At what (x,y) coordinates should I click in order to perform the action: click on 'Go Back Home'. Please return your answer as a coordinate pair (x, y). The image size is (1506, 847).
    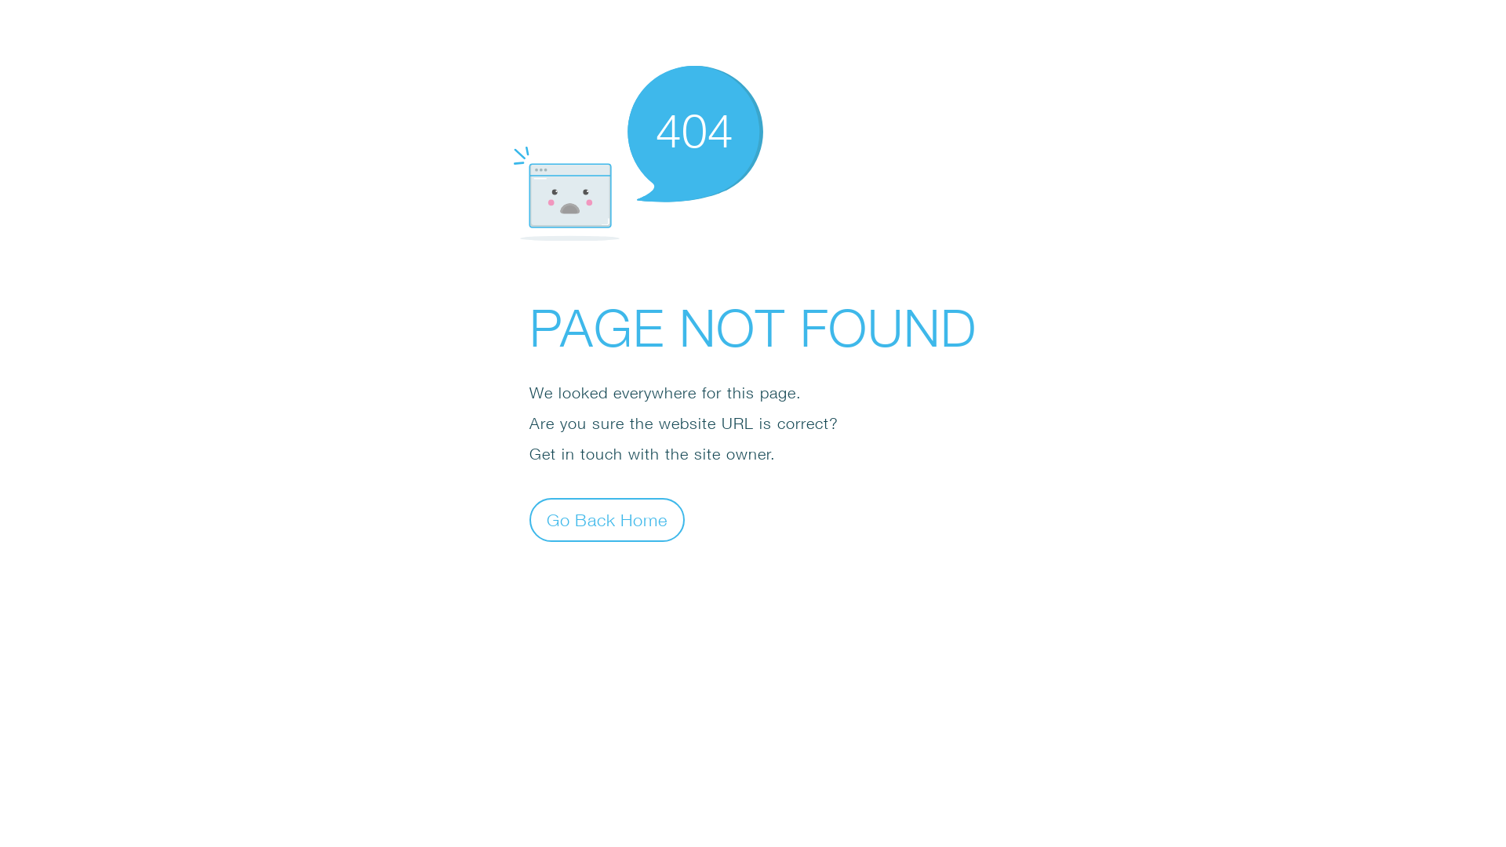
    Looking at the image, I should click on (606, 520).